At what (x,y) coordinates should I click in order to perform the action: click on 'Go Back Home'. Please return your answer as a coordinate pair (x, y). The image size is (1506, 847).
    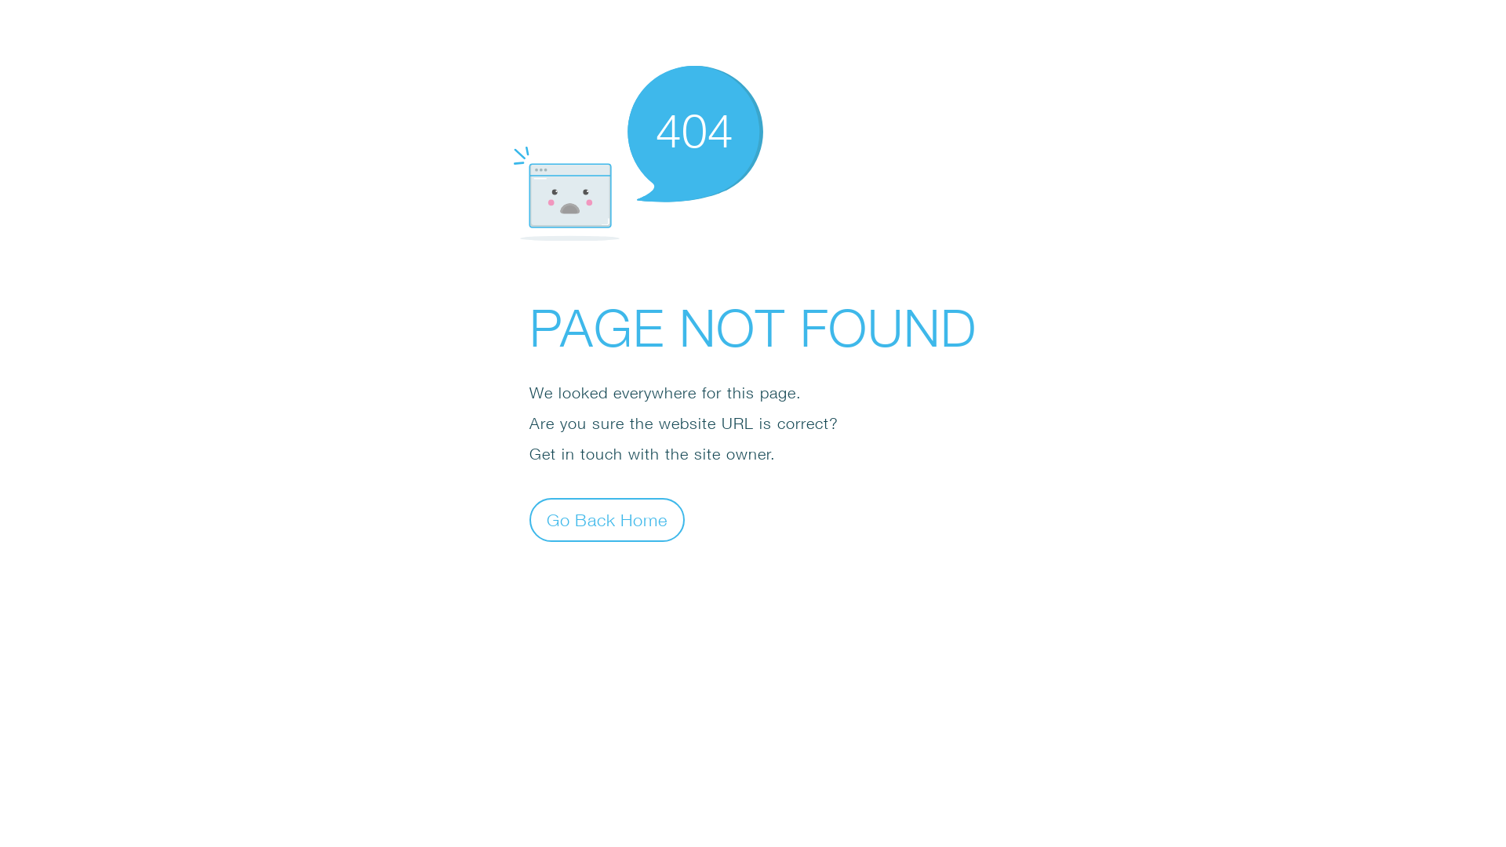
    Looking at the image, I should click on (606, 520).